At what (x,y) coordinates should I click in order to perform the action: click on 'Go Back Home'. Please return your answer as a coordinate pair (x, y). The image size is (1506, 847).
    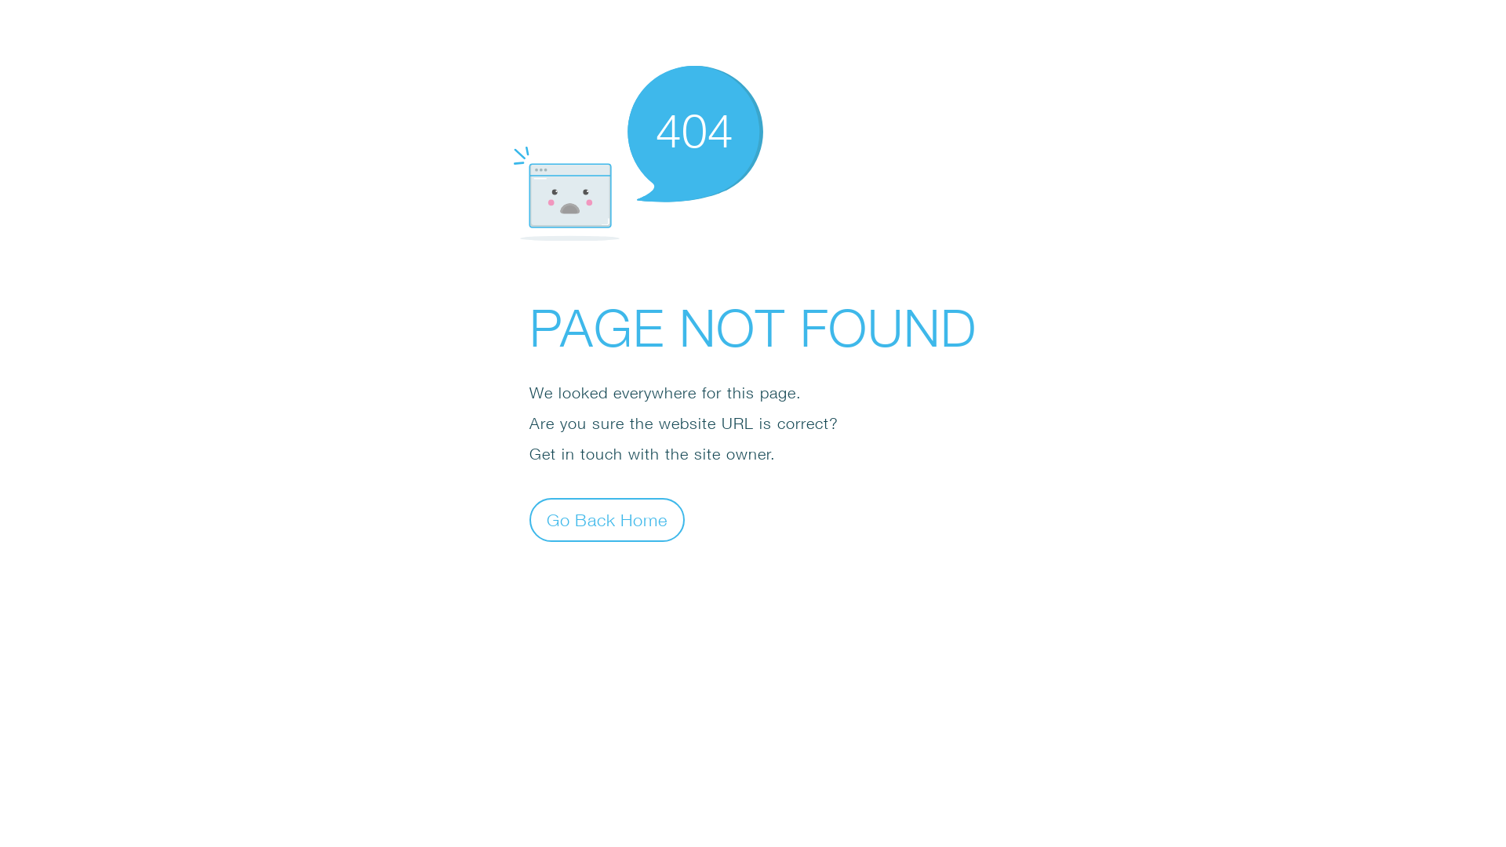
    Looking at the image, I should click on (606, 520).